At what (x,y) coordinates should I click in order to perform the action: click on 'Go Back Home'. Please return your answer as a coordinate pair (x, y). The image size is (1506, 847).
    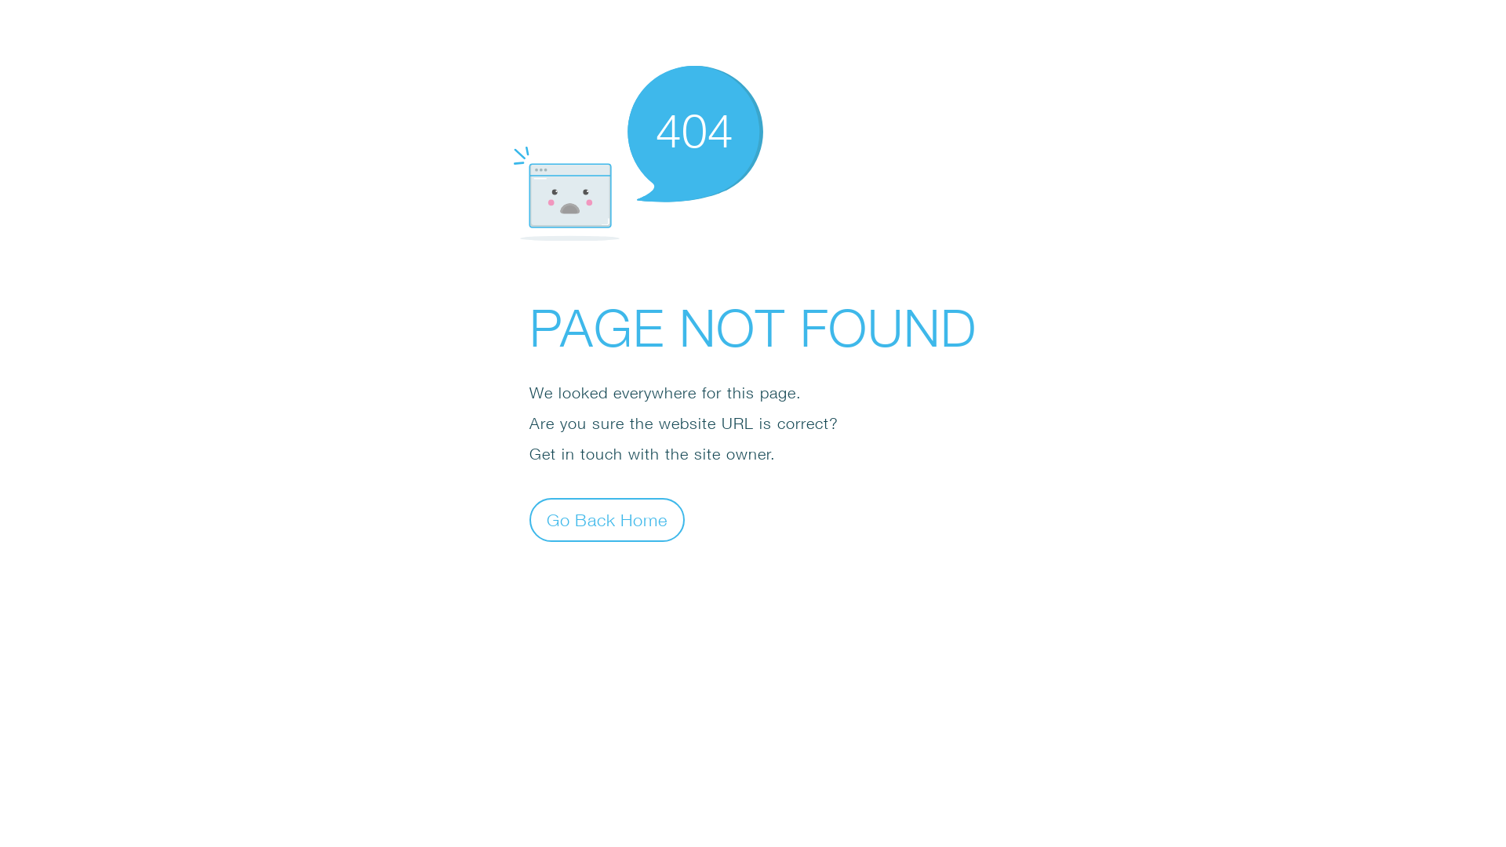
    Looking at the image, I should click on (606, 520).